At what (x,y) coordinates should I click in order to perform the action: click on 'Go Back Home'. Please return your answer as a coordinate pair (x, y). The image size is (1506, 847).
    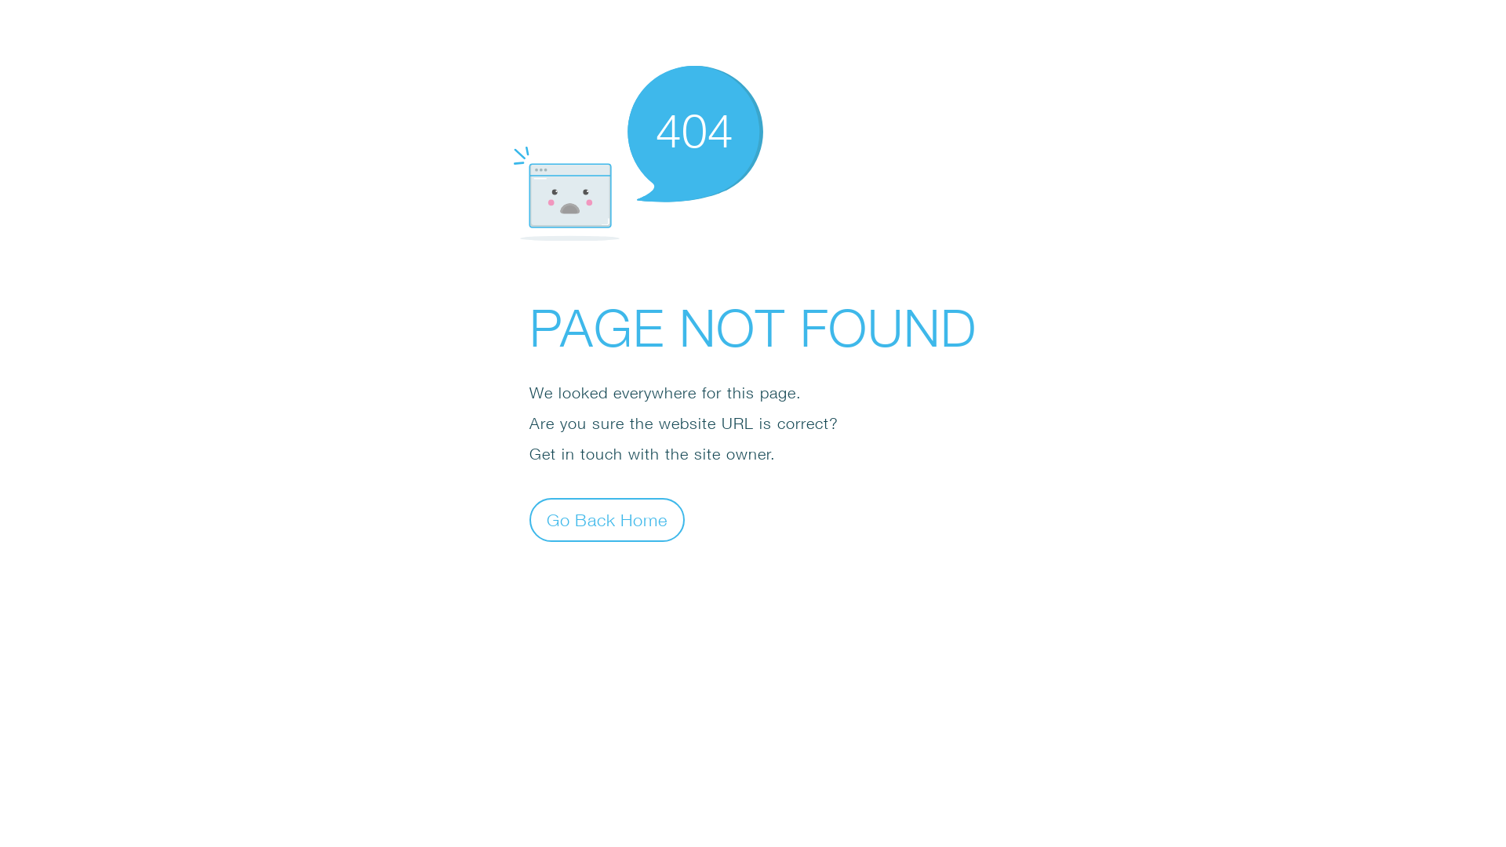
    Looking at the image, I should click on (606, 520).